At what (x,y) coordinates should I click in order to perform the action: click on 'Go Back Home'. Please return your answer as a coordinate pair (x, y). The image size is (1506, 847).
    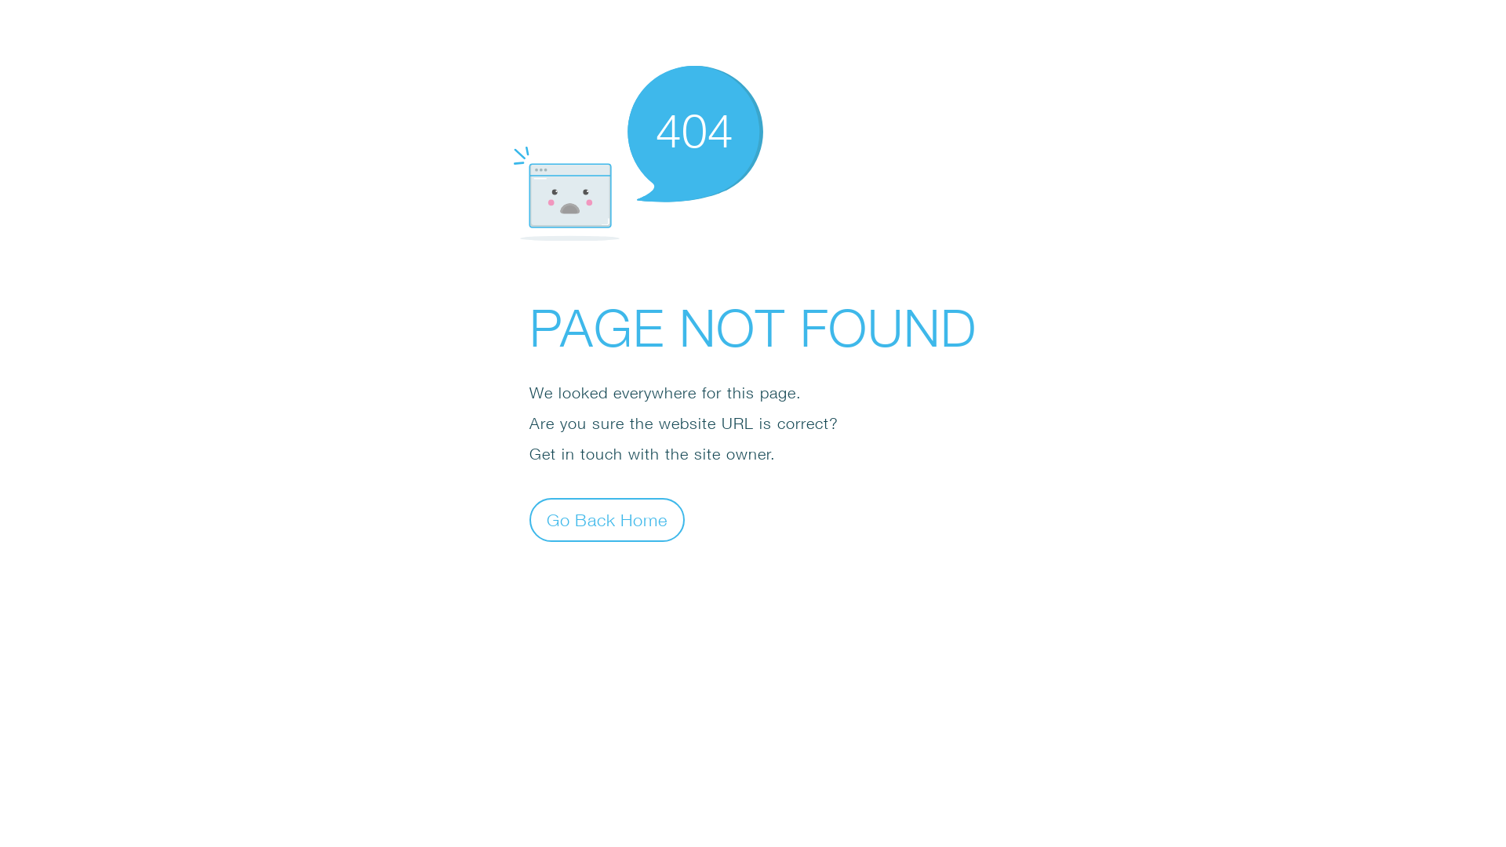
    Looking at the image, I should click on (606, 520).